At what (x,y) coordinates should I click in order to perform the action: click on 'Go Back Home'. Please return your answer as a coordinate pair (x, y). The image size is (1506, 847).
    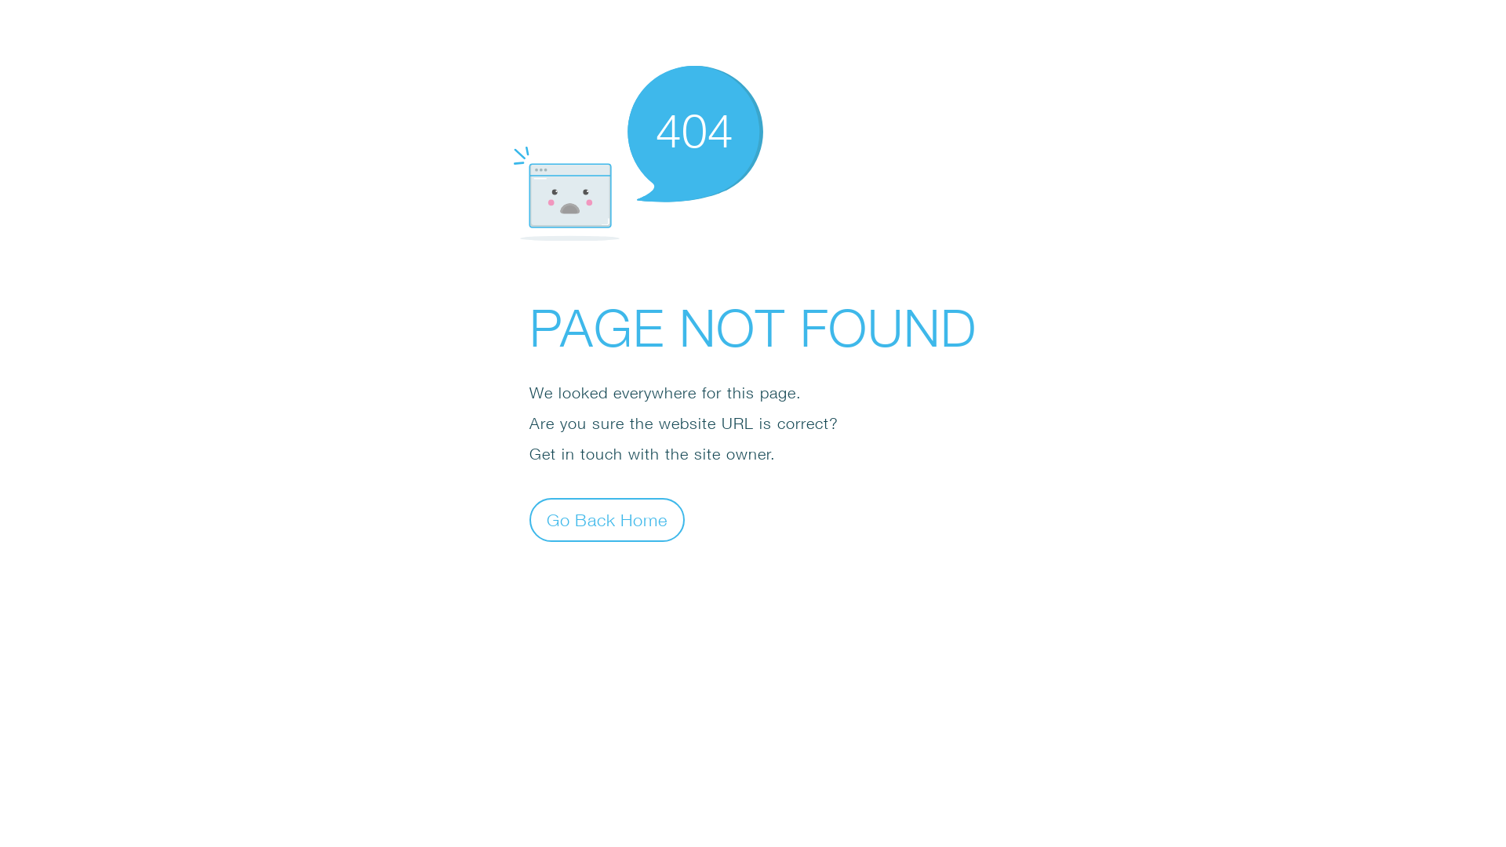
    Looking at the image, I should click on (606, 520).